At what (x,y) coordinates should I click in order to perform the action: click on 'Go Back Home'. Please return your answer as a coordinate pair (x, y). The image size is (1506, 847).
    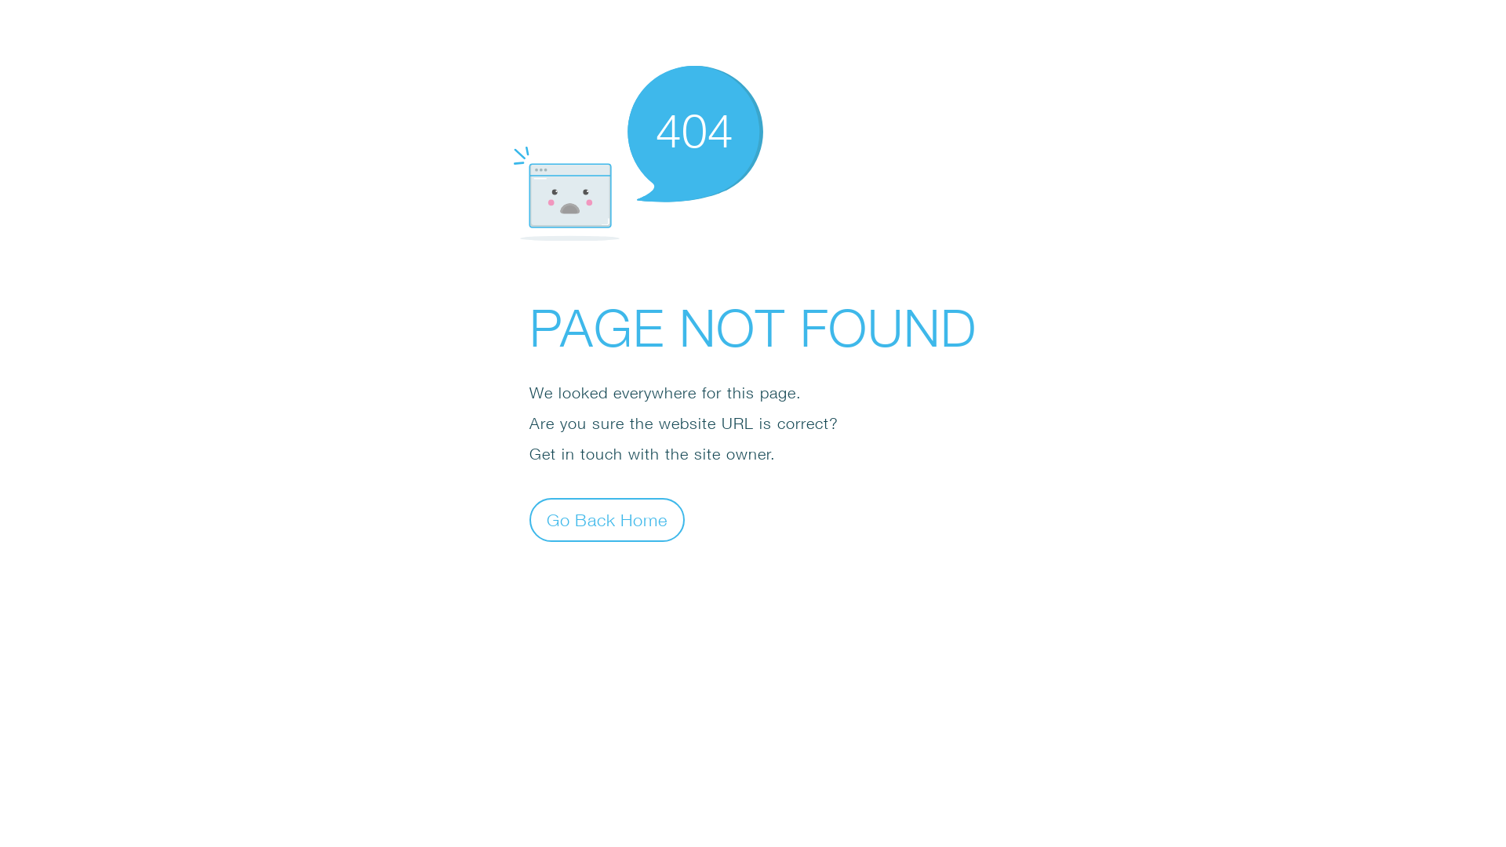
    Looking at the image, I should click on (606, 520).